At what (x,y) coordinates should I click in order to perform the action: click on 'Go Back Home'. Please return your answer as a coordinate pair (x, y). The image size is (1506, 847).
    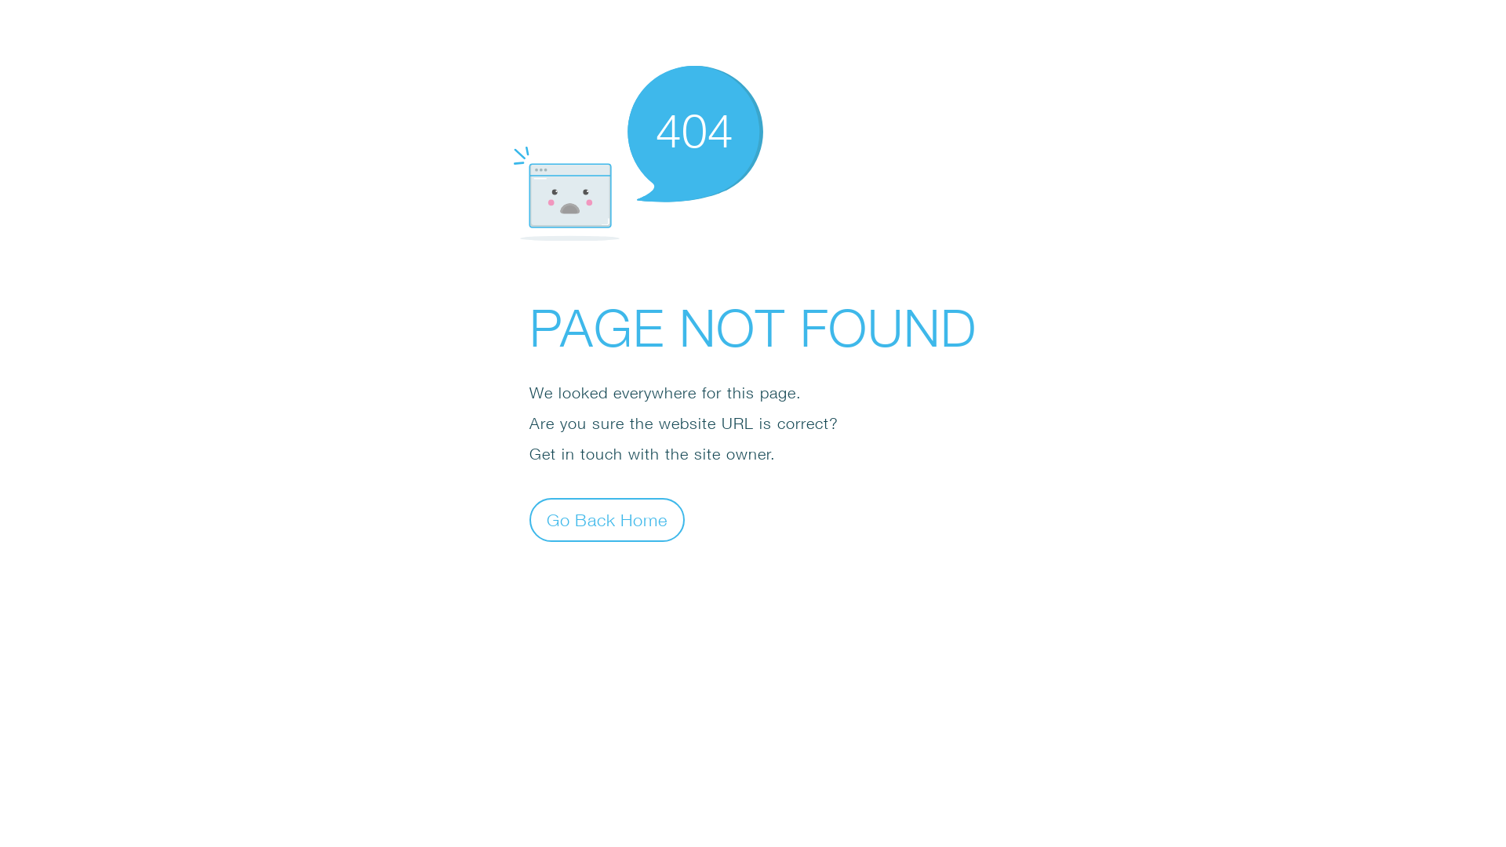
    Looking at the image, I should click on (606, 520).